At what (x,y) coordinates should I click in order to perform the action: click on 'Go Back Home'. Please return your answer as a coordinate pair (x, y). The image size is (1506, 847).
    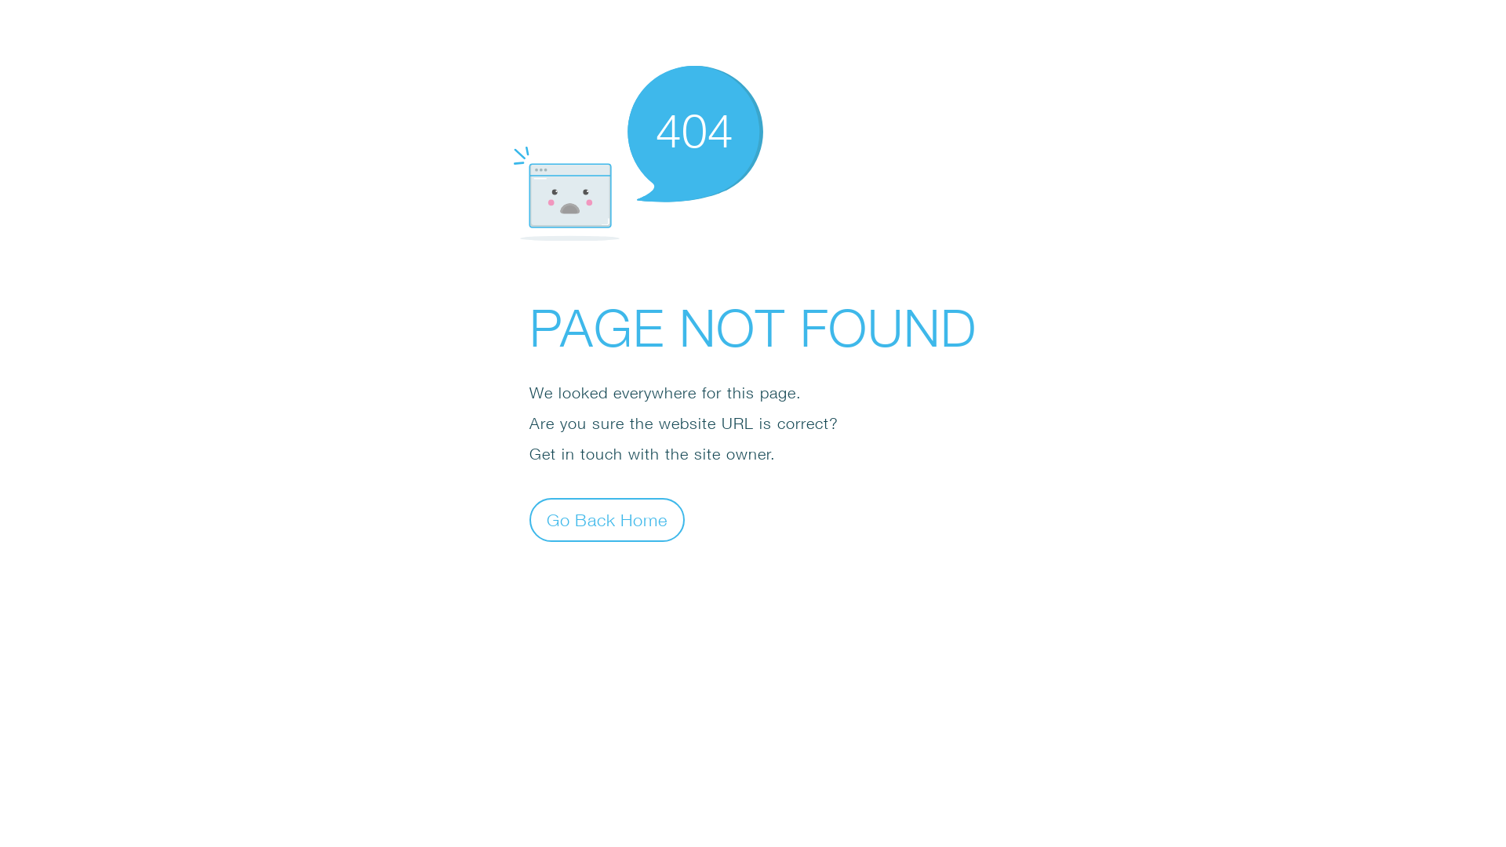
    Looking at the image, I should click on (606, 520).